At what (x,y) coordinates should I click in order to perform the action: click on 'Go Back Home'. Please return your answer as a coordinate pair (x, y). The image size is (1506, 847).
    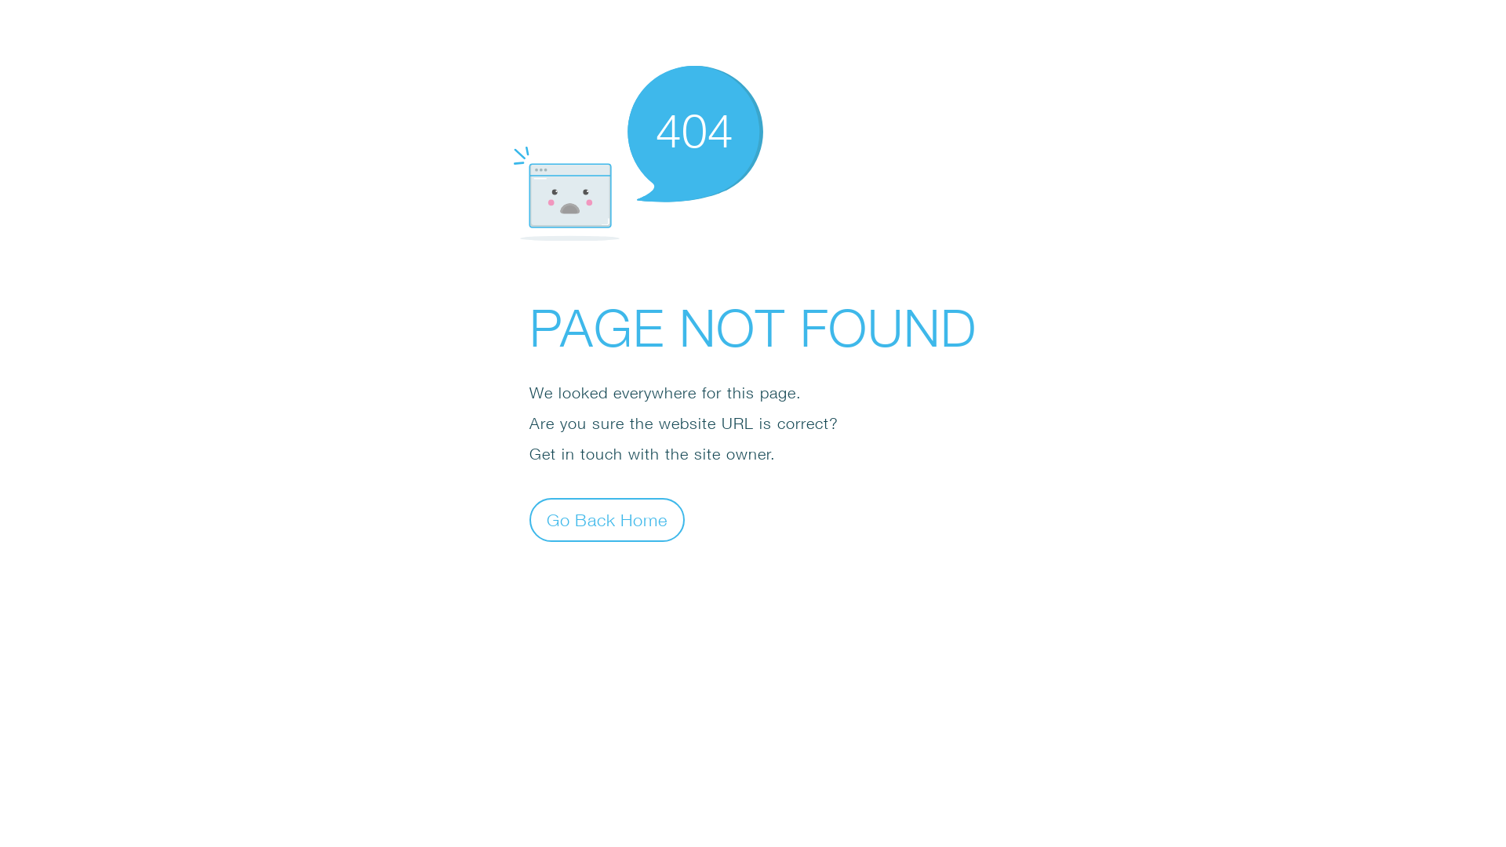
    Looking at the image, I should click on (606, 520).